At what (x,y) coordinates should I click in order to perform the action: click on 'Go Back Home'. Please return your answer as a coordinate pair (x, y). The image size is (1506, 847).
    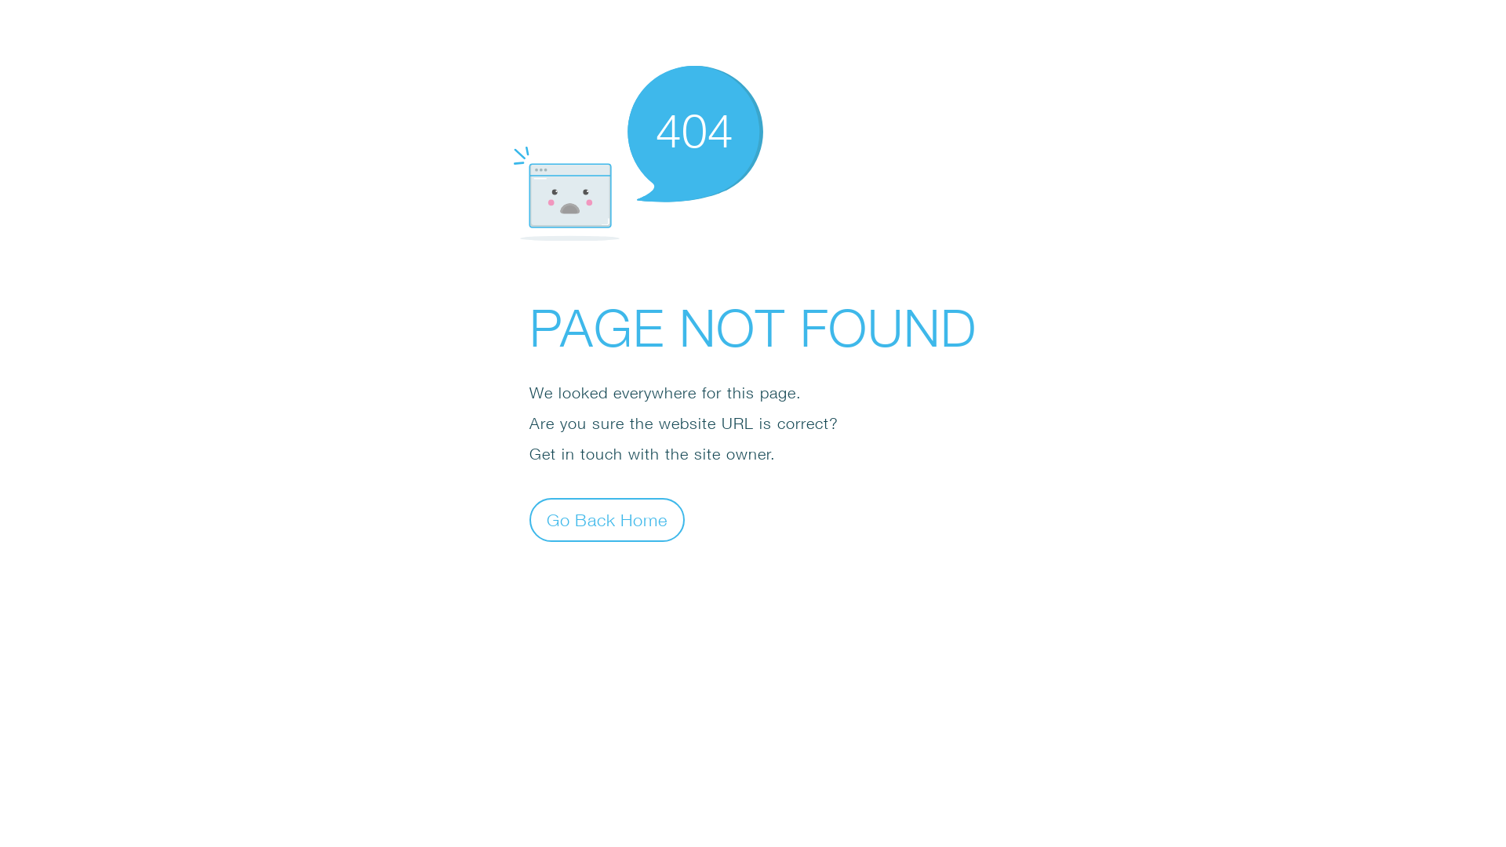
    Looking at the image, I should click on (606, 520).